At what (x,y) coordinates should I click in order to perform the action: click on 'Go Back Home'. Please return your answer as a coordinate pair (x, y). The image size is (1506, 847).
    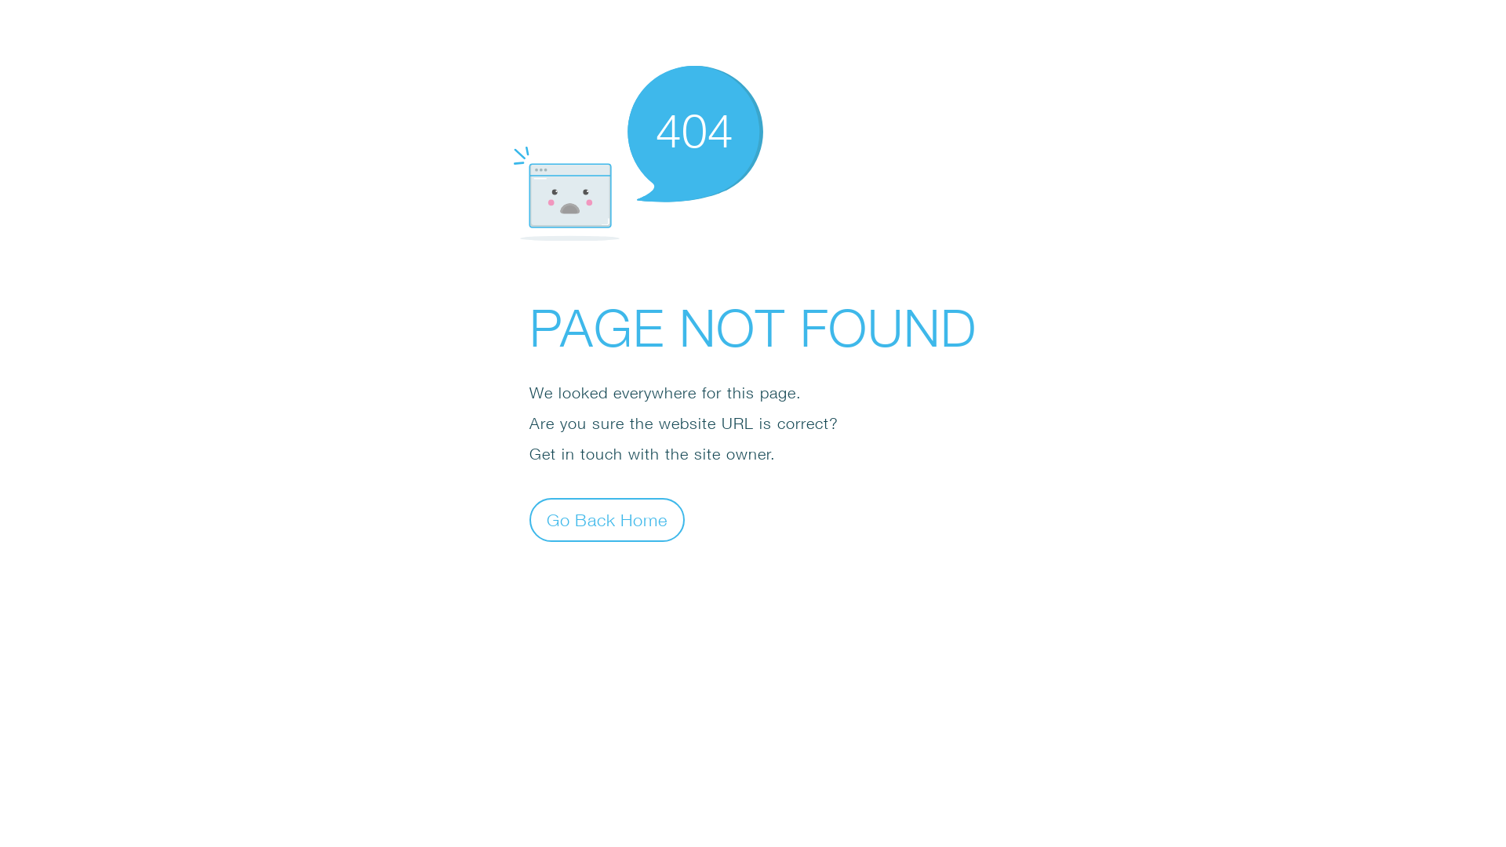
    Looking at the image, I should click on (606, 520).